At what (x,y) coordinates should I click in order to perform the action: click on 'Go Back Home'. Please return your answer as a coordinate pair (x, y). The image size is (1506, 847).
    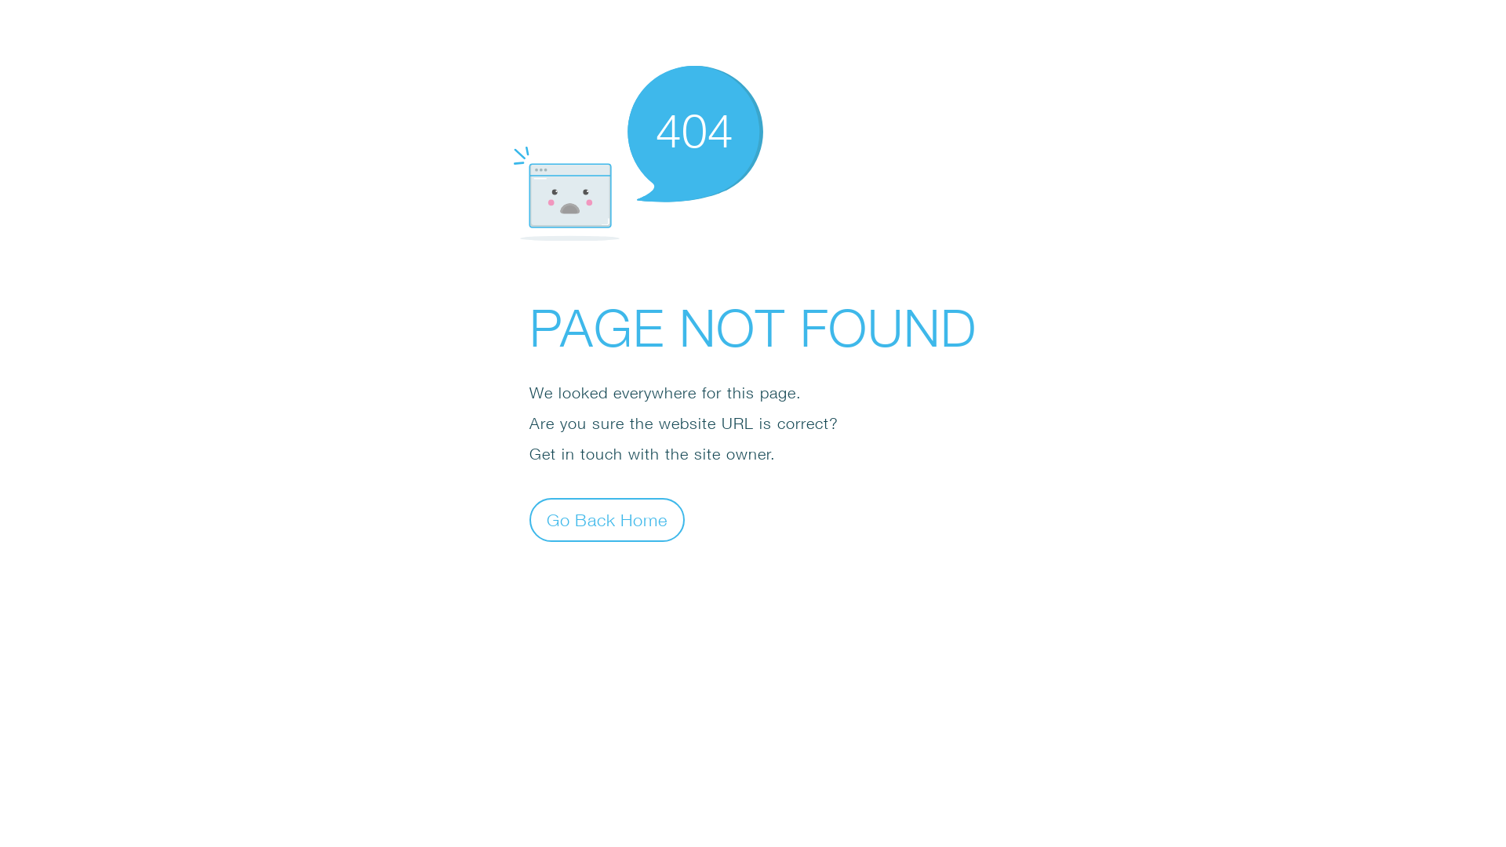
    Looking at the image, I should click on (606, 520).